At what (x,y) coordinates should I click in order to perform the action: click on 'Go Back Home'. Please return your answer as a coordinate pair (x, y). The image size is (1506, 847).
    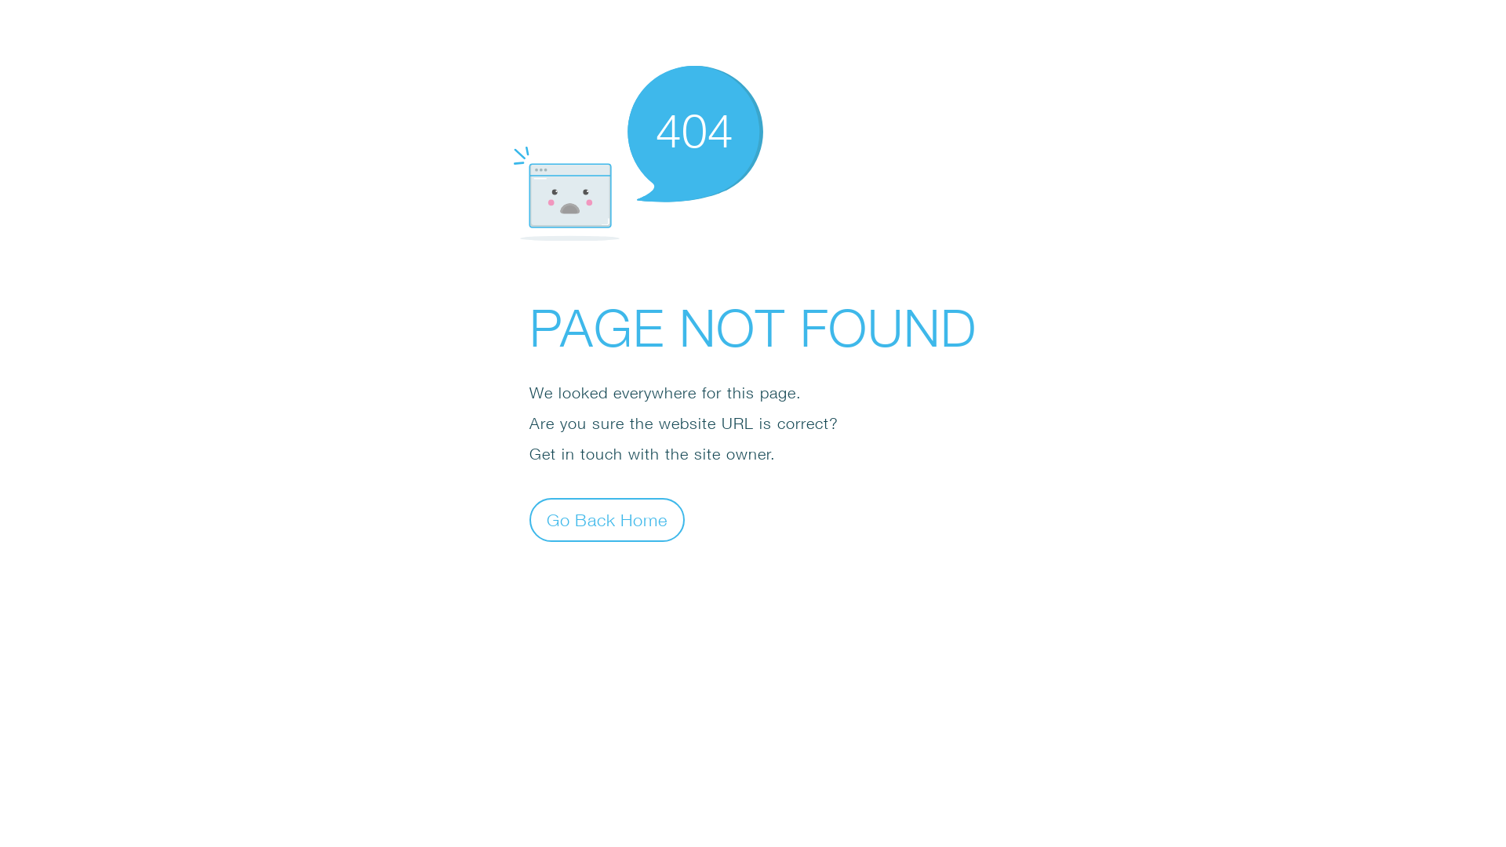
    Looking at the image, I should click on (606, 520).